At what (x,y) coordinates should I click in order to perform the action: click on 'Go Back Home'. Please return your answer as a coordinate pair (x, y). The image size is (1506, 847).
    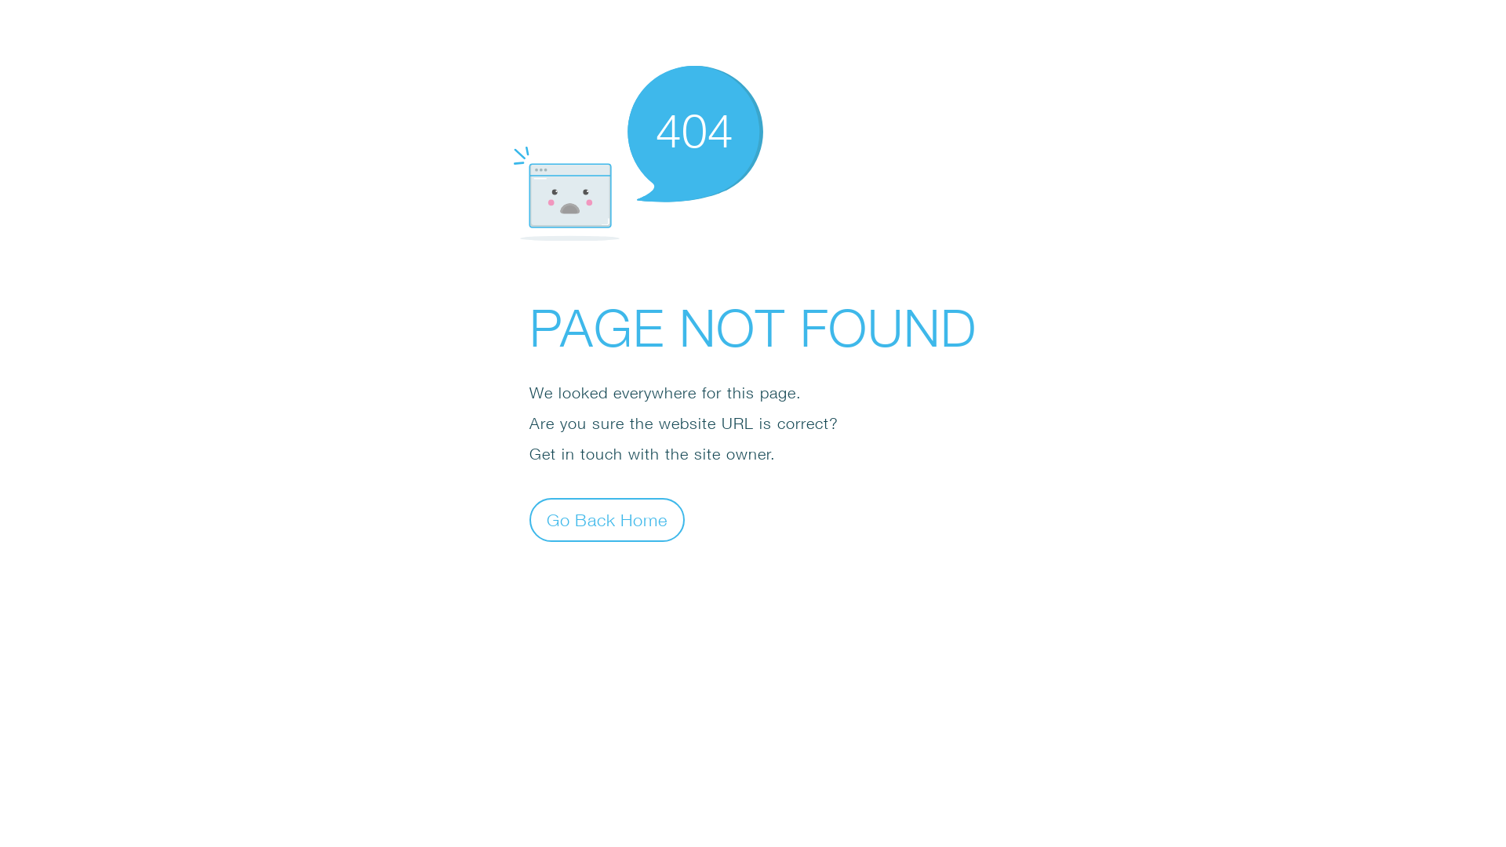
    Looking at the image, I should click on (606, 520).